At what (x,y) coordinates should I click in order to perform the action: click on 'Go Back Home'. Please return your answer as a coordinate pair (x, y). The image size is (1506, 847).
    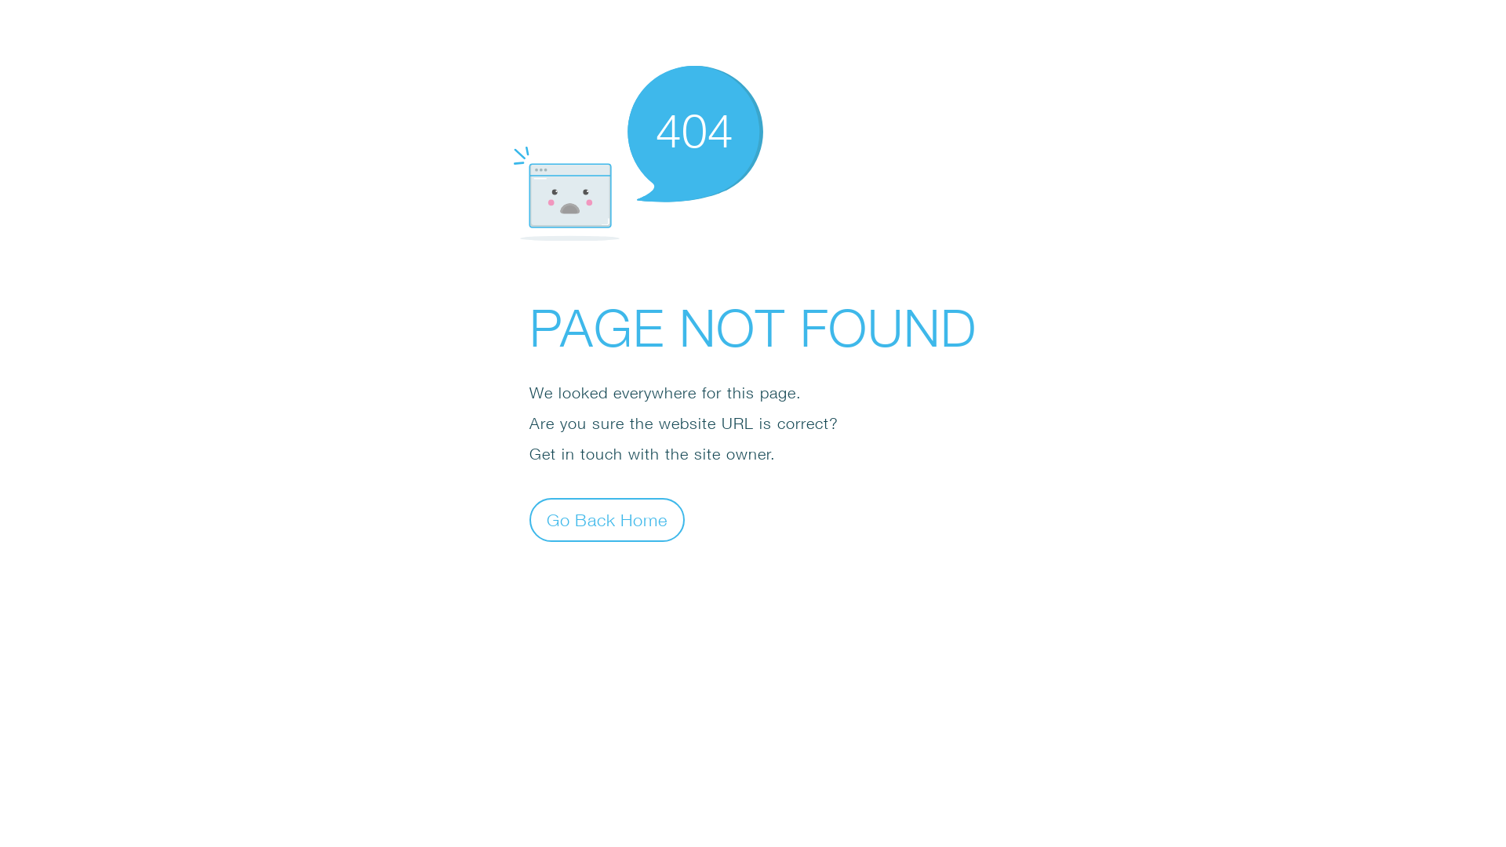
    Looking at the image, I should click on (606, 520).